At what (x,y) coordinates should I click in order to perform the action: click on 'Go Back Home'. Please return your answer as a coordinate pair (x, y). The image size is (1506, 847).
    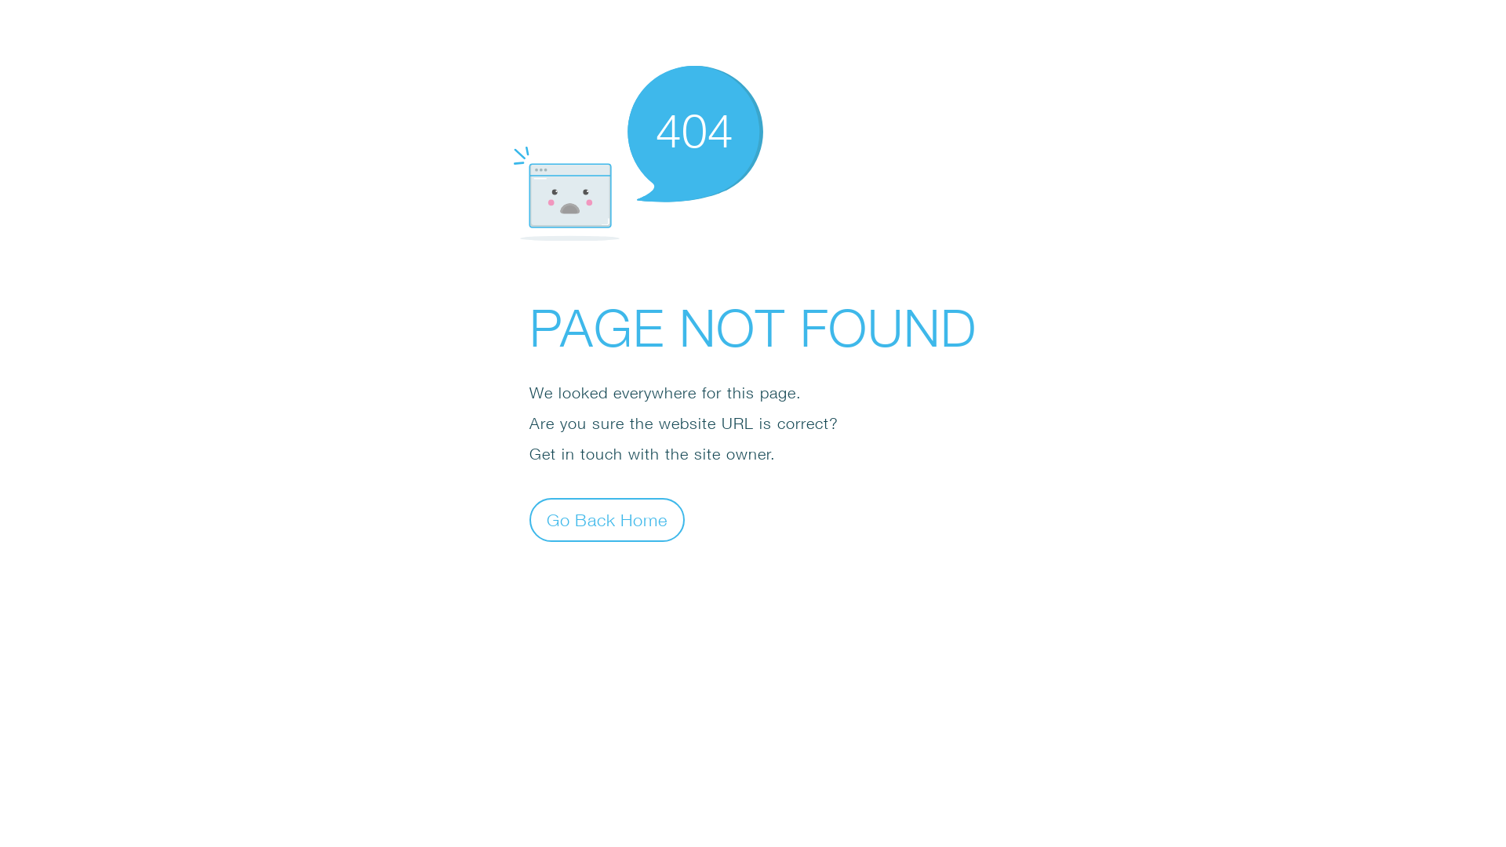
    Looking at the image, I should click on (606, 520).